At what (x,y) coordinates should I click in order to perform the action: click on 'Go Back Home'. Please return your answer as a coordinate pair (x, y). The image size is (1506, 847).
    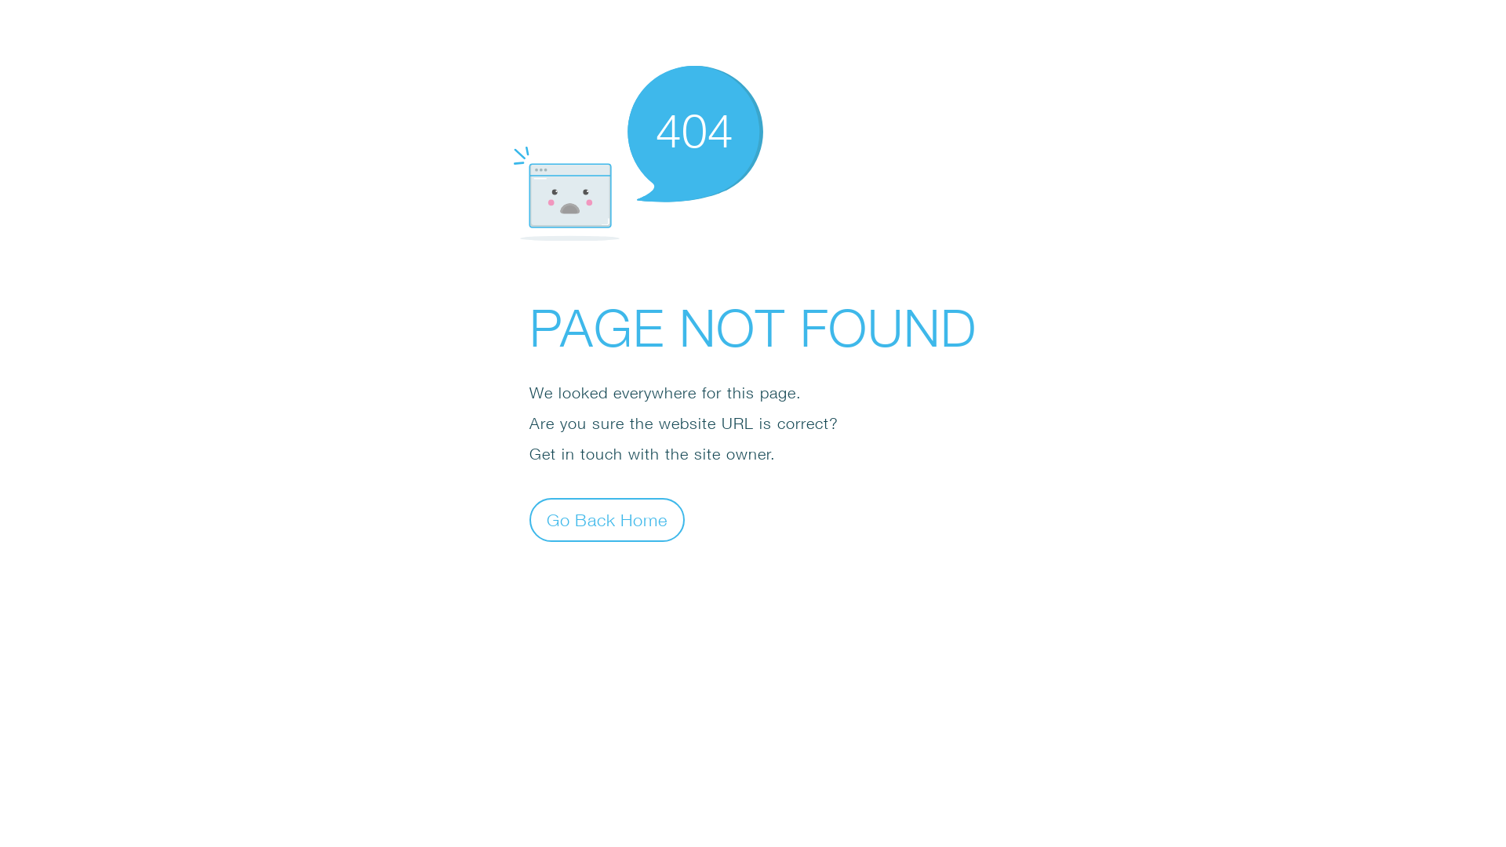
    Looking at the image, I should click on (606, 520).